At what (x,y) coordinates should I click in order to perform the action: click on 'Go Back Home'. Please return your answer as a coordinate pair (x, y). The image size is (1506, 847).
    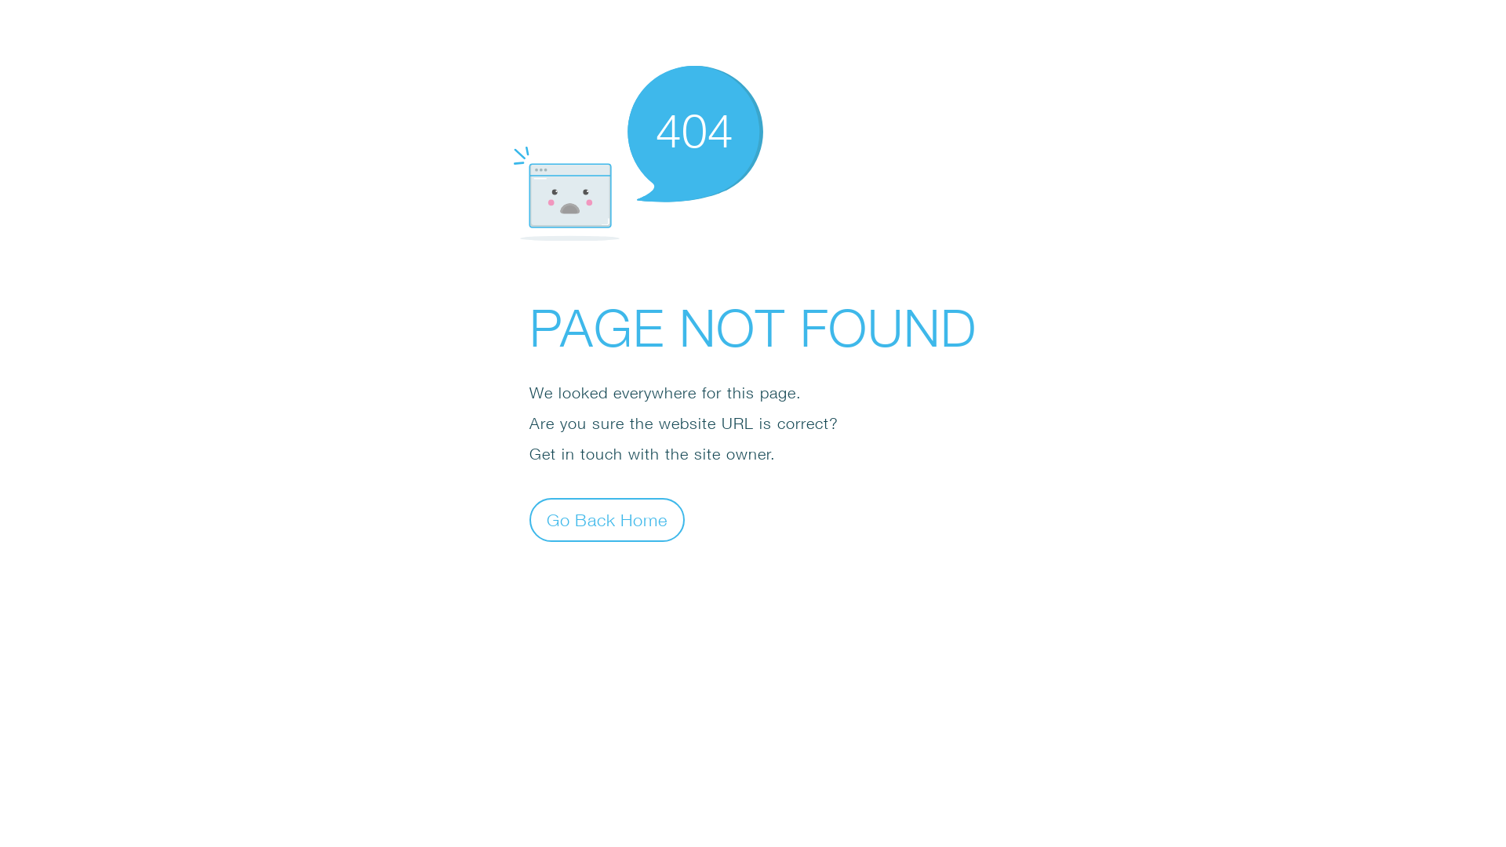
    Looking at the image, I should click on (606, 520).